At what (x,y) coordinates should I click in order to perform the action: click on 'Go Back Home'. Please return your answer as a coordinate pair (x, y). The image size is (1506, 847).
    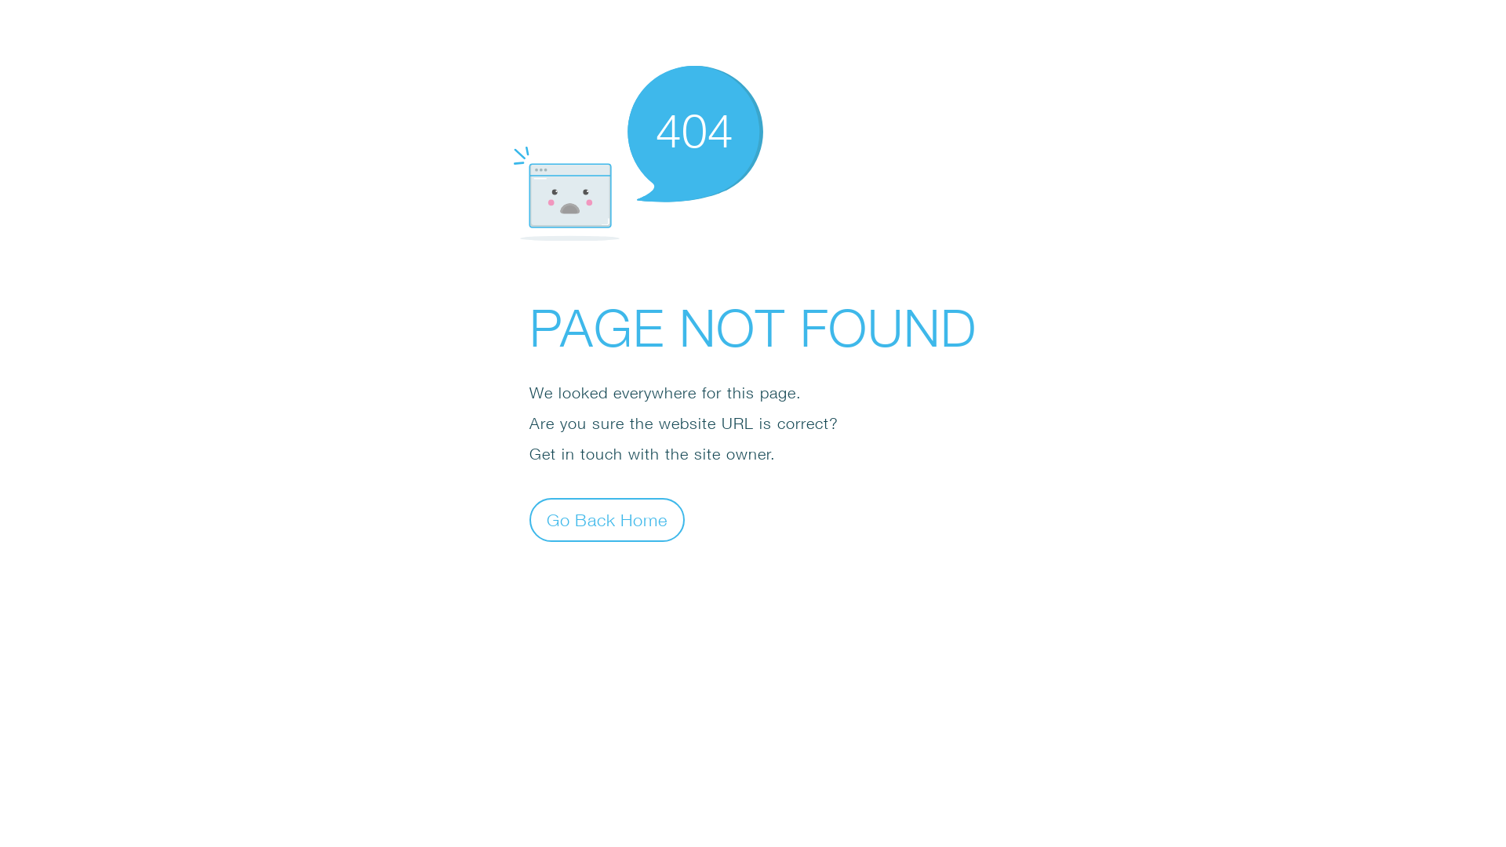
    Looking at the image, I should click on (606, 520).